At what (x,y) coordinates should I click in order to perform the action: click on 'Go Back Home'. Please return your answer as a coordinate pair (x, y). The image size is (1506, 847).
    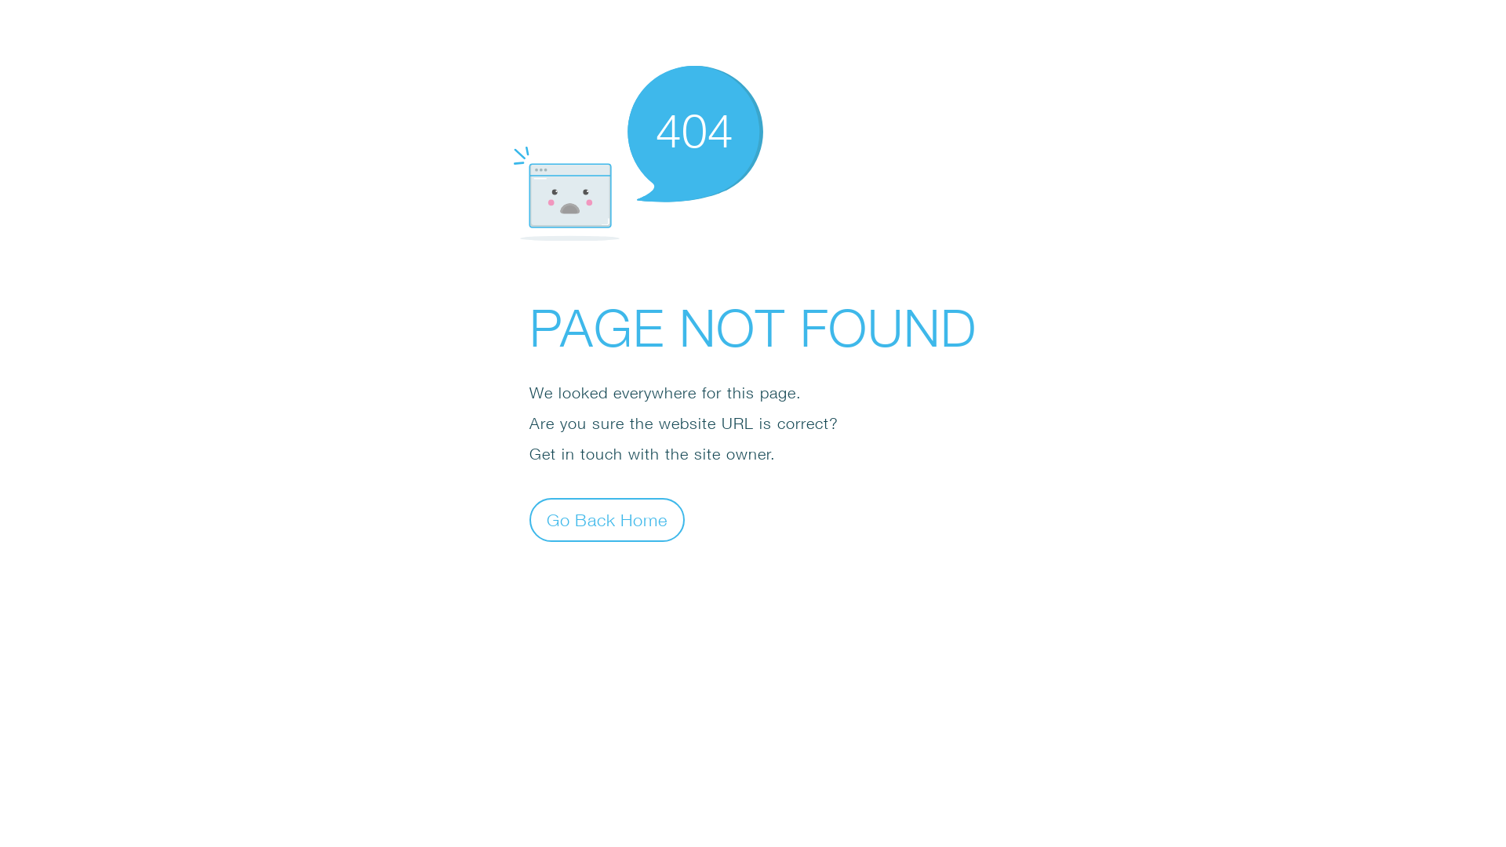
    Looking at the image, I should click on (606, 520).